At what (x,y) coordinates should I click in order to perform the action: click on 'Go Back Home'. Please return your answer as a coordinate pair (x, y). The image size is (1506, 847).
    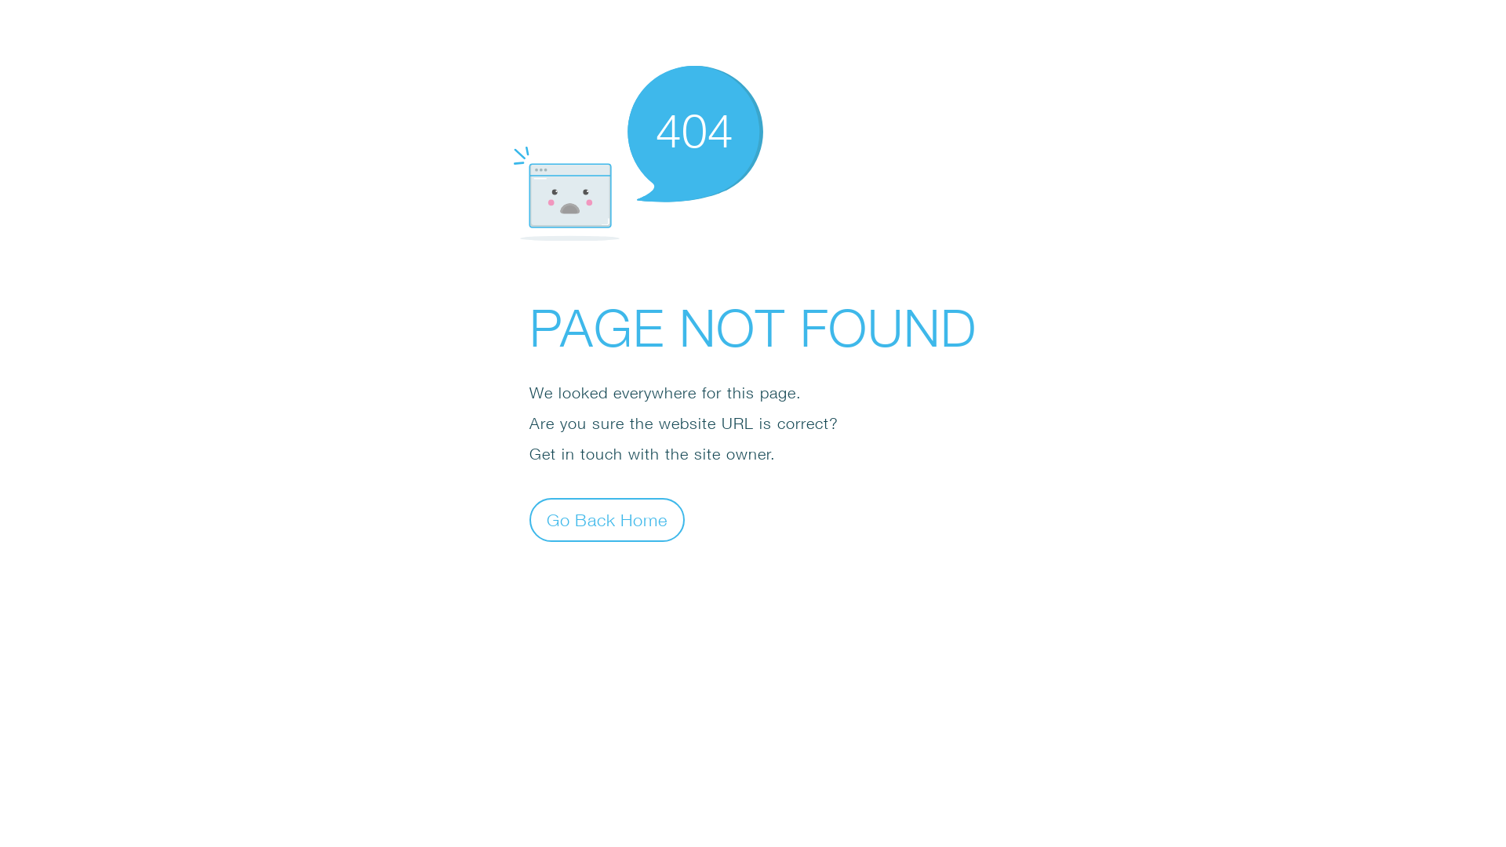
    Looking at the image, I should click on (606, 520).